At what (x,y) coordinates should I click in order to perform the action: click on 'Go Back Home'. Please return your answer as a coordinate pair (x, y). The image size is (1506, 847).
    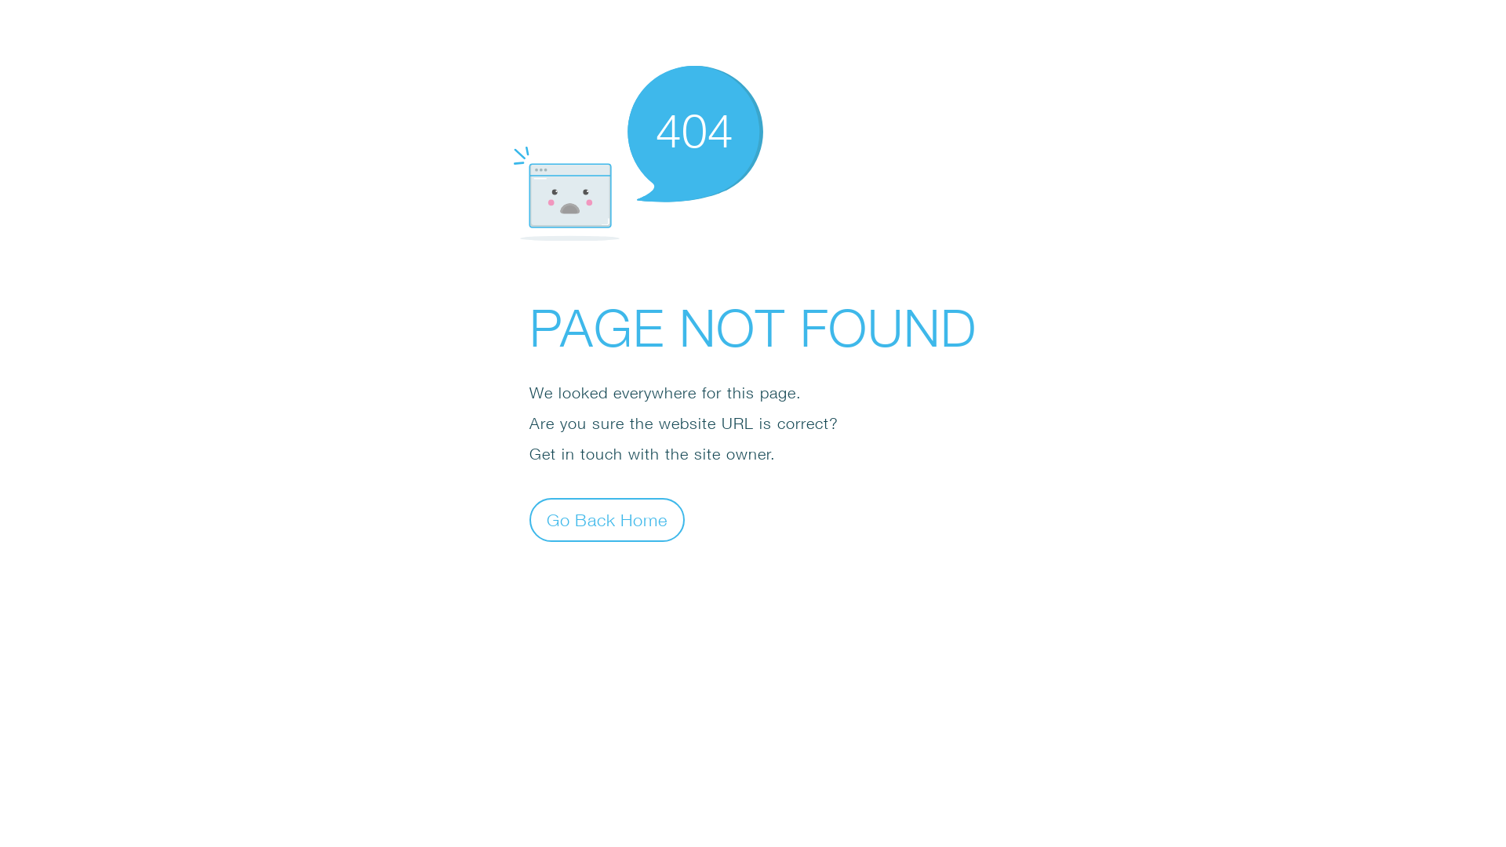
    Looking at the image, I should click on (606, 520).